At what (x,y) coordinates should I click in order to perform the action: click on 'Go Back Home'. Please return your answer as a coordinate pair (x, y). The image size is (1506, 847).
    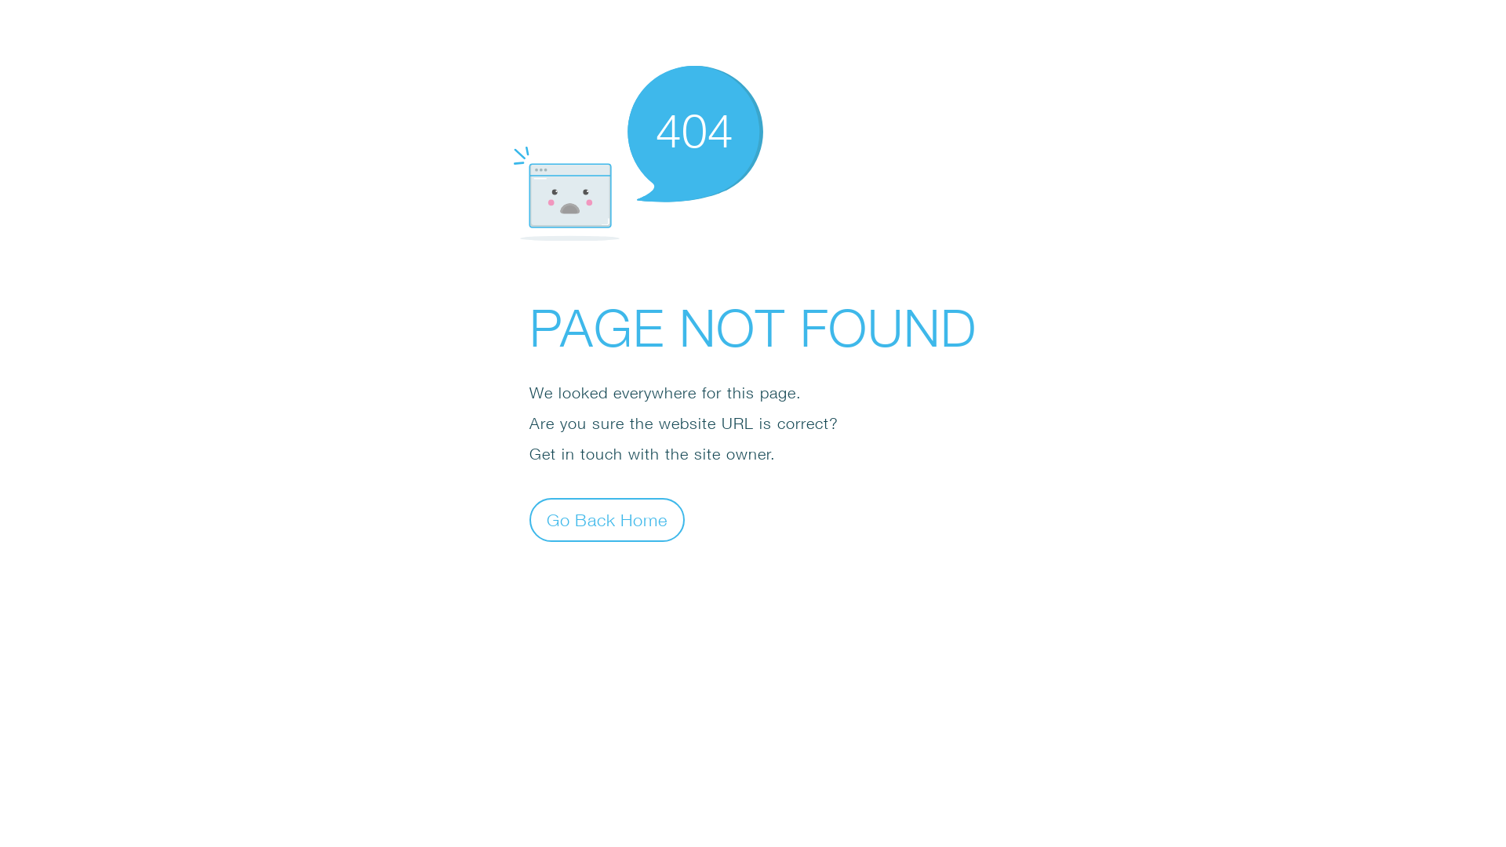
    Looking at the image, I should click on (606, 520).